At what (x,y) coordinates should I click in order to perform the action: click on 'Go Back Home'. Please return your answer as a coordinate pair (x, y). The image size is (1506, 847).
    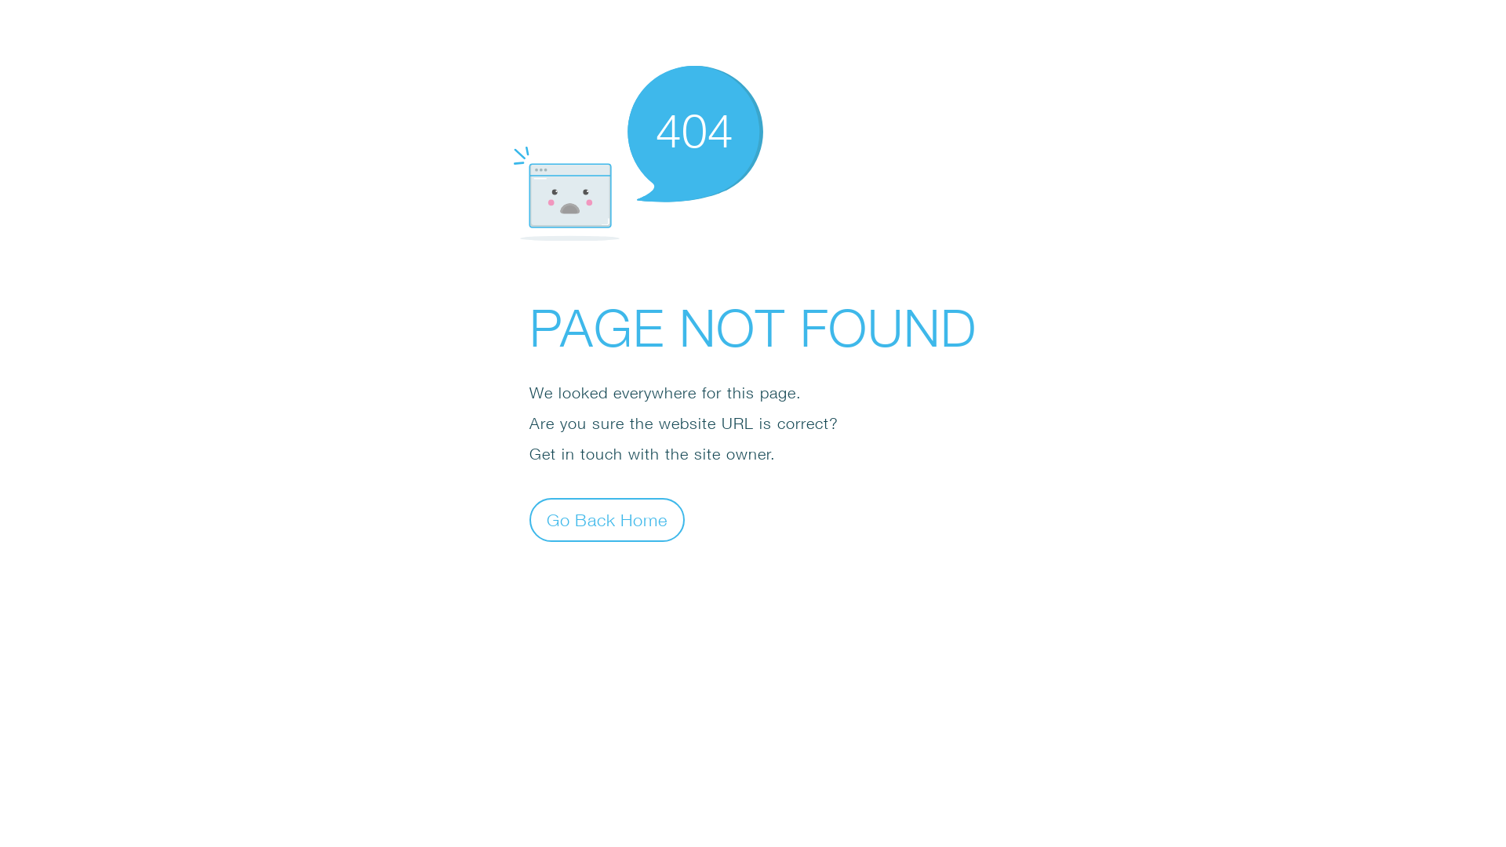
    Looking at the image, I should click on (606, 520).